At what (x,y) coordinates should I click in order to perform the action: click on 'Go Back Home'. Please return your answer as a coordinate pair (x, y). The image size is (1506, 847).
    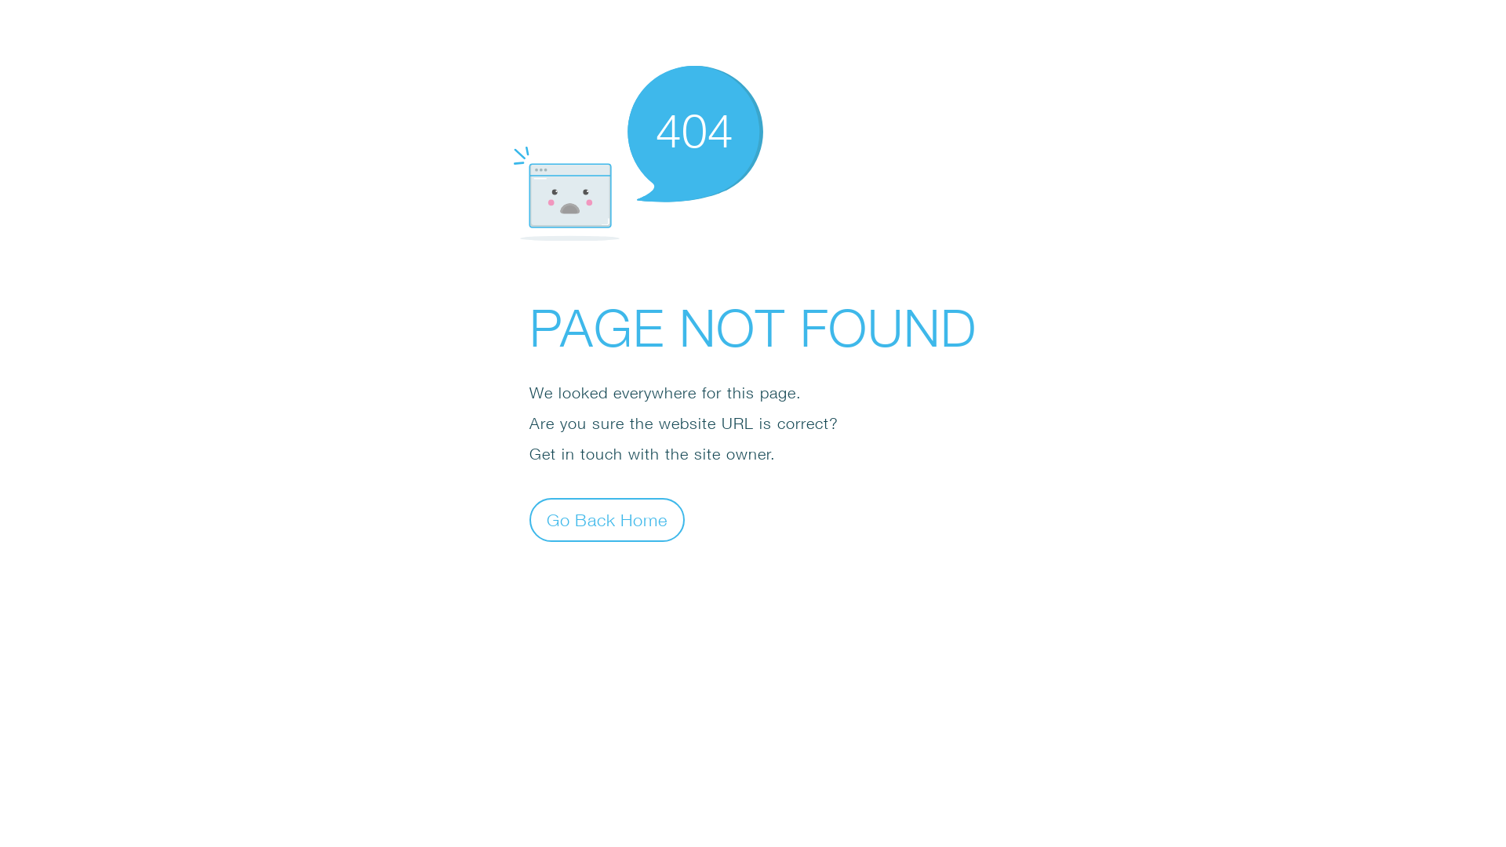
    Looking at the image, I should click on (606, 520).